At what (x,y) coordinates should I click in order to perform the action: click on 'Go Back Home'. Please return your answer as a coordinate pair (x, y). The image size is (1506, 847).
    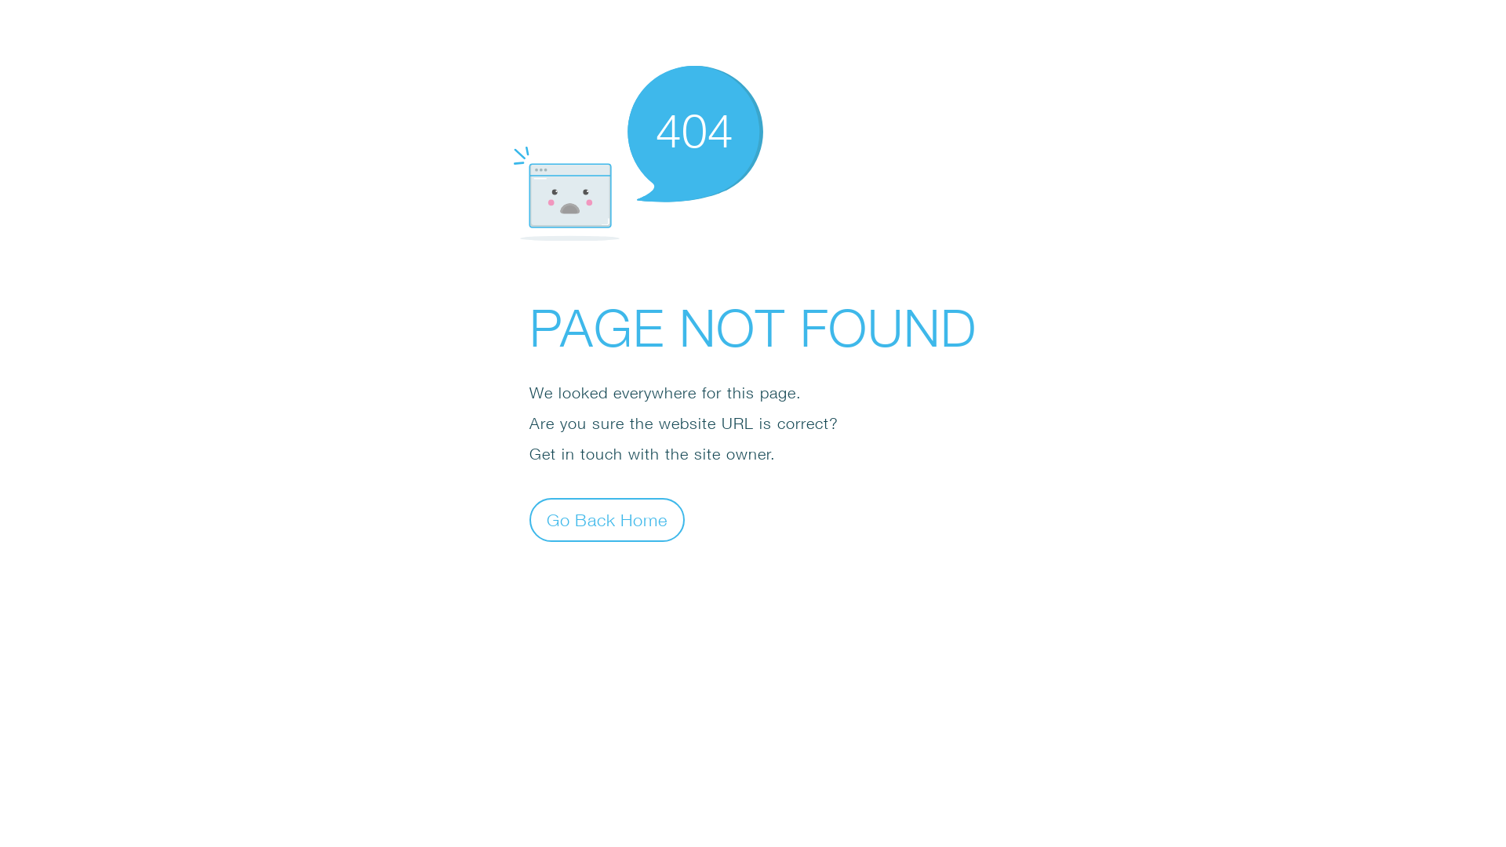
    Looking at the image, I should click on (606, 520).